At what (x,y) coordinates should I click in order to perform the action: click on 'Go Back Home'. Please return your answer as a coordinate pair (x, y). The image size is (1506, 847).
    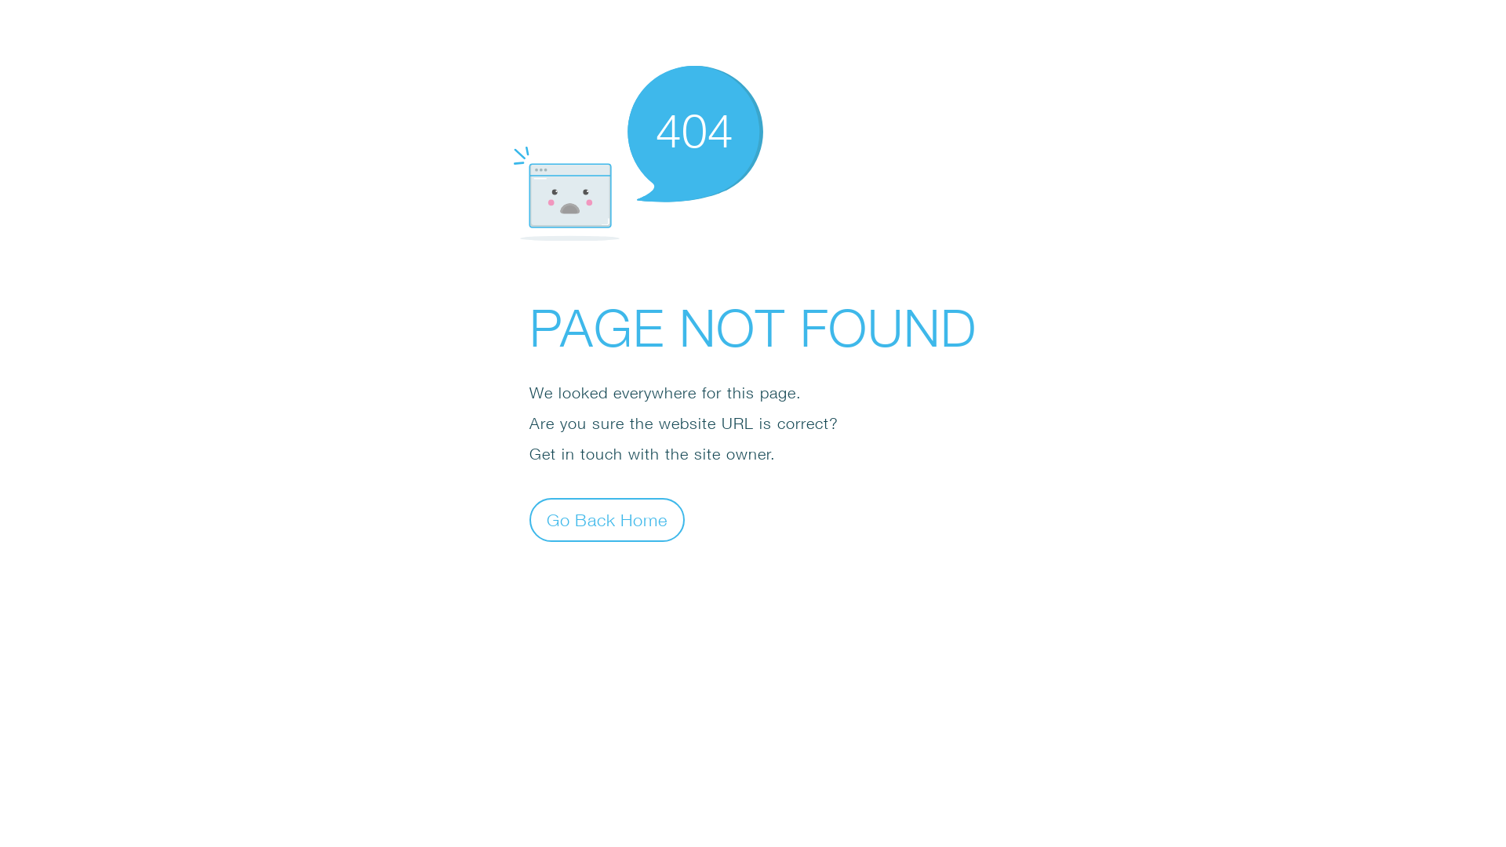
    Looking at the image, I should click on (606, 520).